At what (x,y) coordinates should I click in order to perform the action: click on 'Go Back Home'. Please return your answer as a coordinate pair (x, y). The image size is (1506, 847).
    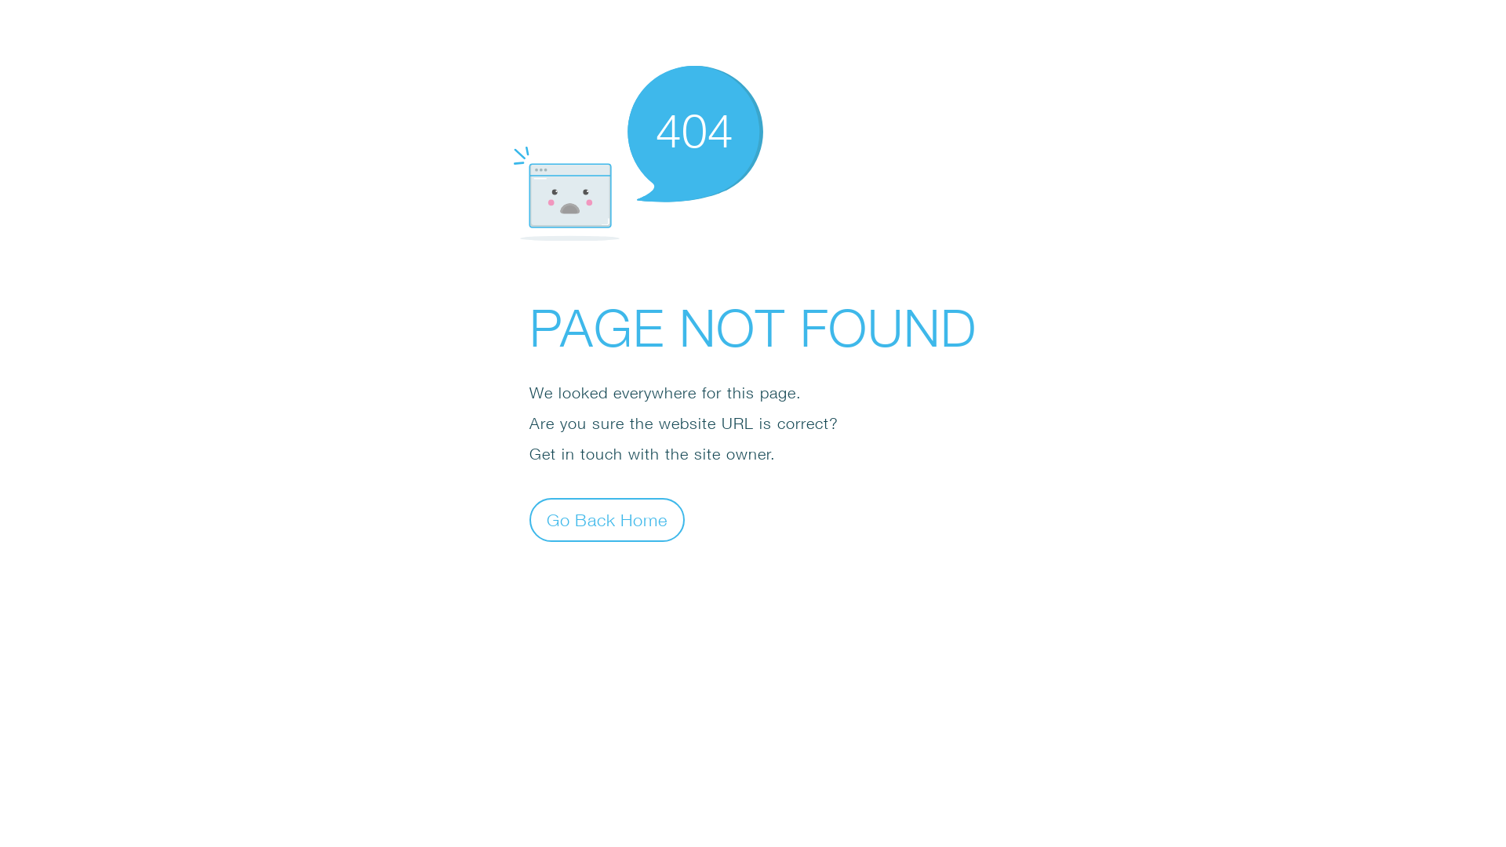
    Looking at the image, I should click on (606, 520).